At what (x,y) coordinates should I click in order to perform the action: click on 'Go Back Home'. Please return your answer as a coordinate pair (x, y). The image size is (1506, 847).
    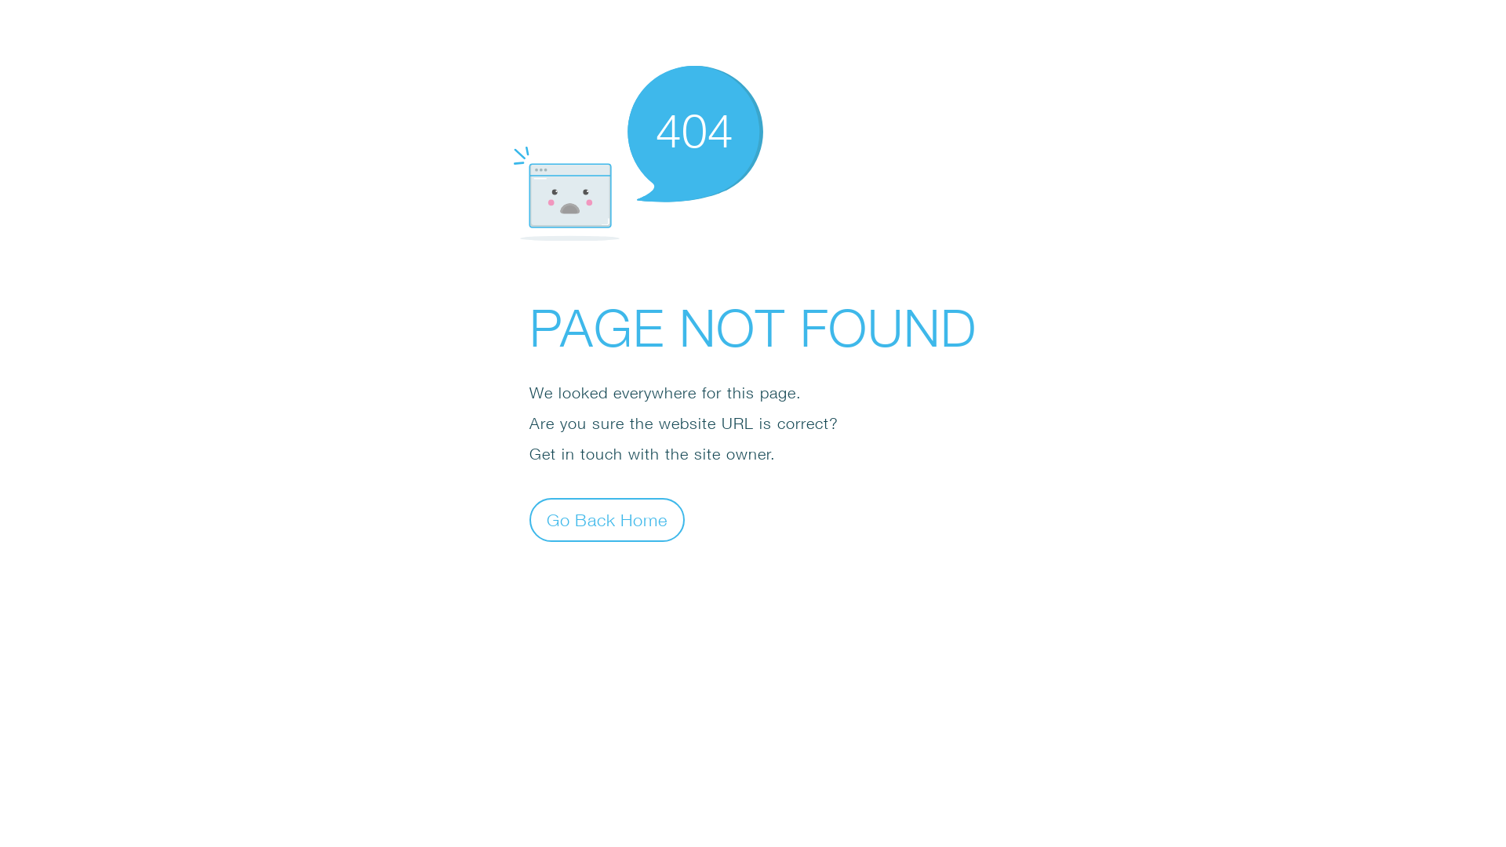
    Looking at the image, I should click on (606, 520).